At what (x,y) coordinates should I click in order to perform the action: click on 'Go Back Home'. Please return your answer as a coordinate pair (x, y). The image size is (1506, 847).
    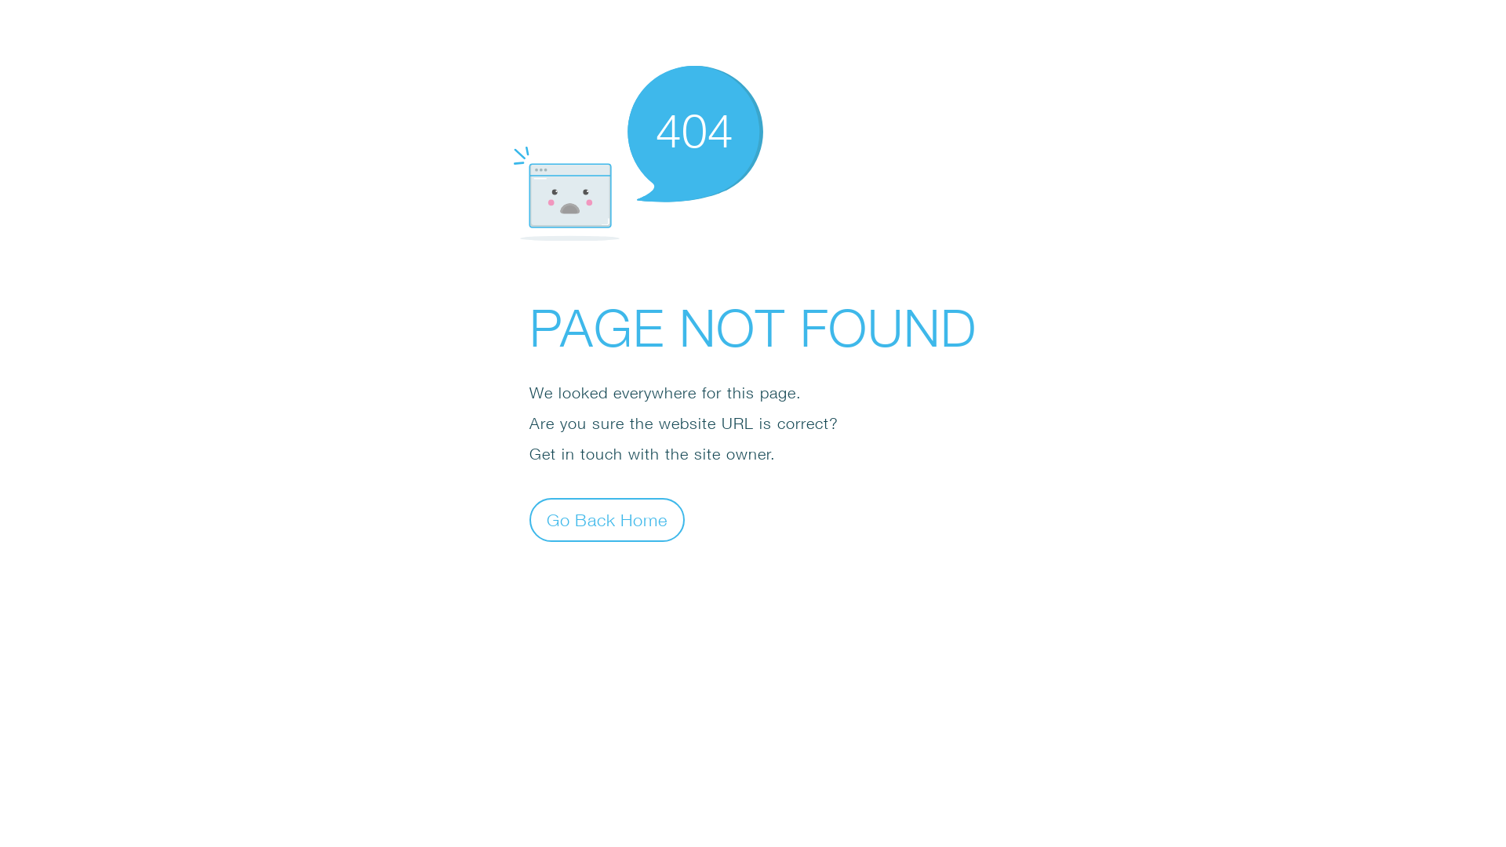
    Looking at the image, I should click on (606, 520).